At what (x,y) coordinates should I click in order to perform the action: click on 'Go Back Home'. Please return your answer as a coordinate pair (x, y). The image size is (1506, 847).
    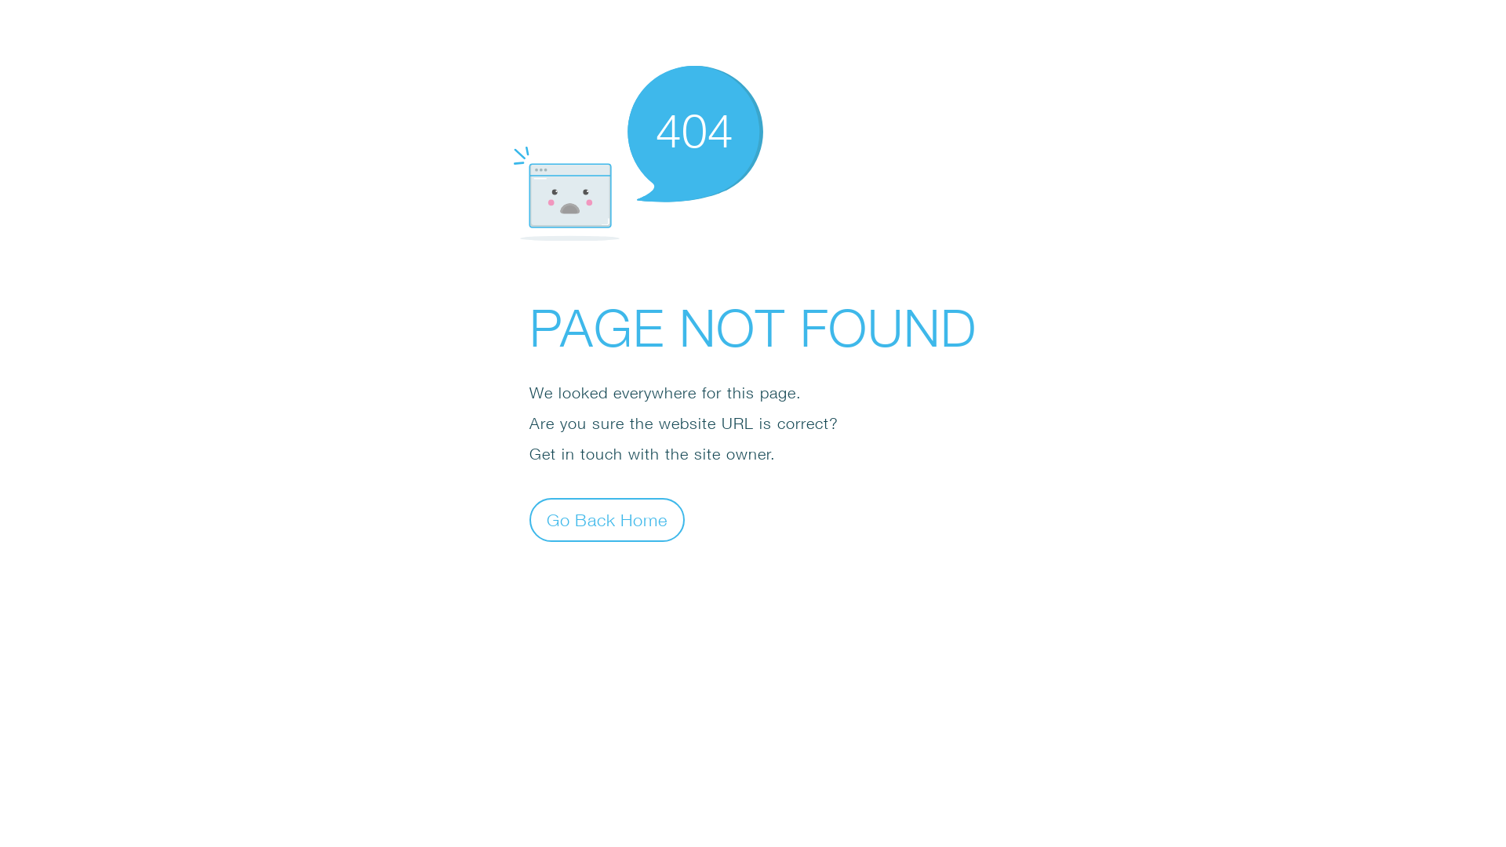
    Looking at the image, I should click on (606, 520).